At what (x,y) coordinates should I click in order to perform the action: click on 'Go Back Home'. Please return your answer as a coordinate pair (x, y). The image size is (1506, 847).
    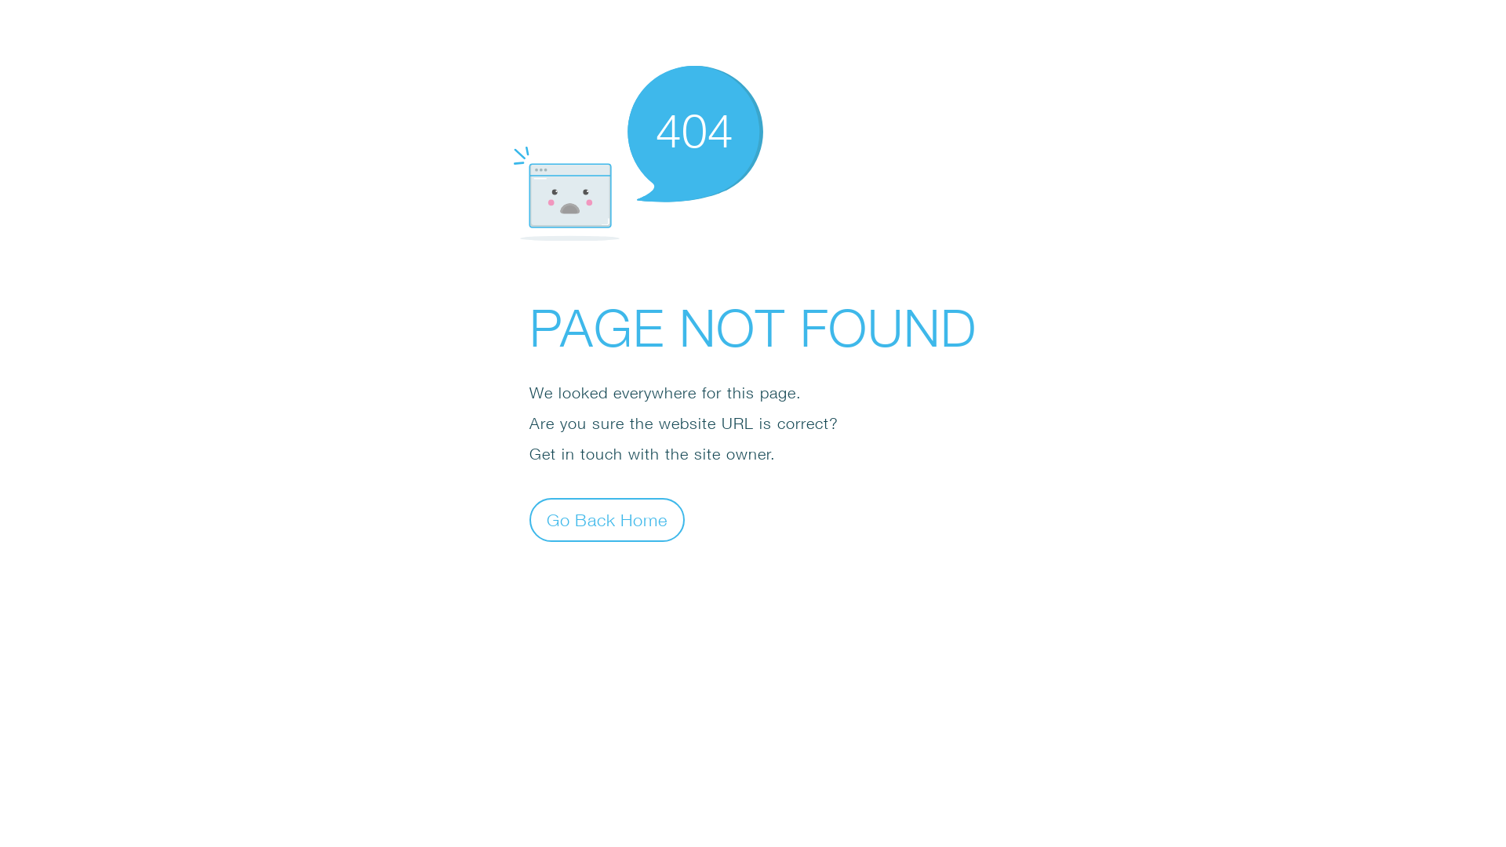
    Looking at the image, I should click on (606, 520).